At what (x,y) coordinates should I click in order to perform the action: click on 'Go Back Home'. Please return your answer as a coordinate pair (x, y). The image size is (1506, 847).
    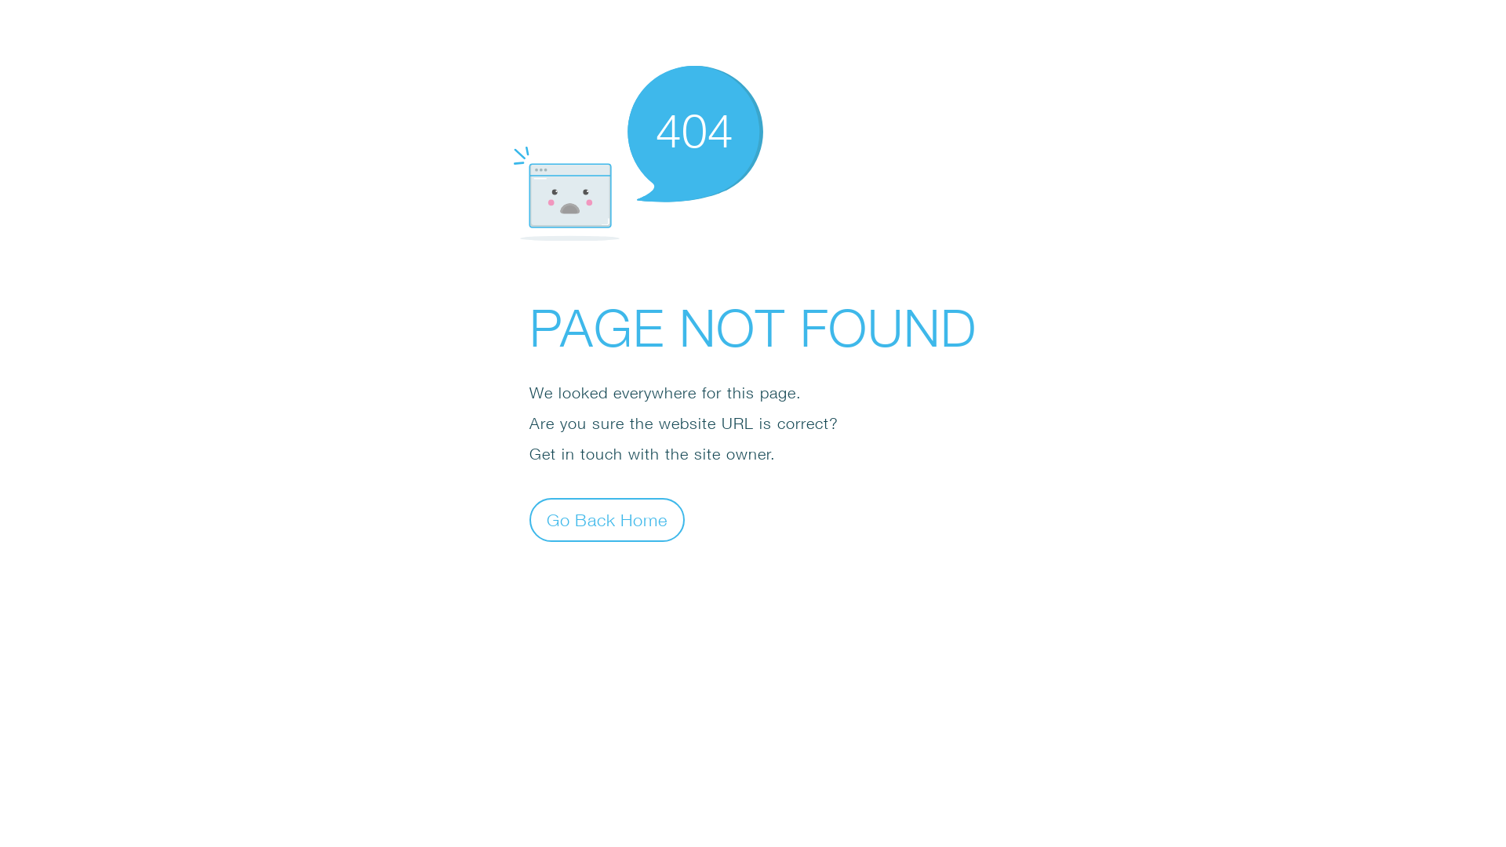
    Looking at the image, I should click on (606, 520).